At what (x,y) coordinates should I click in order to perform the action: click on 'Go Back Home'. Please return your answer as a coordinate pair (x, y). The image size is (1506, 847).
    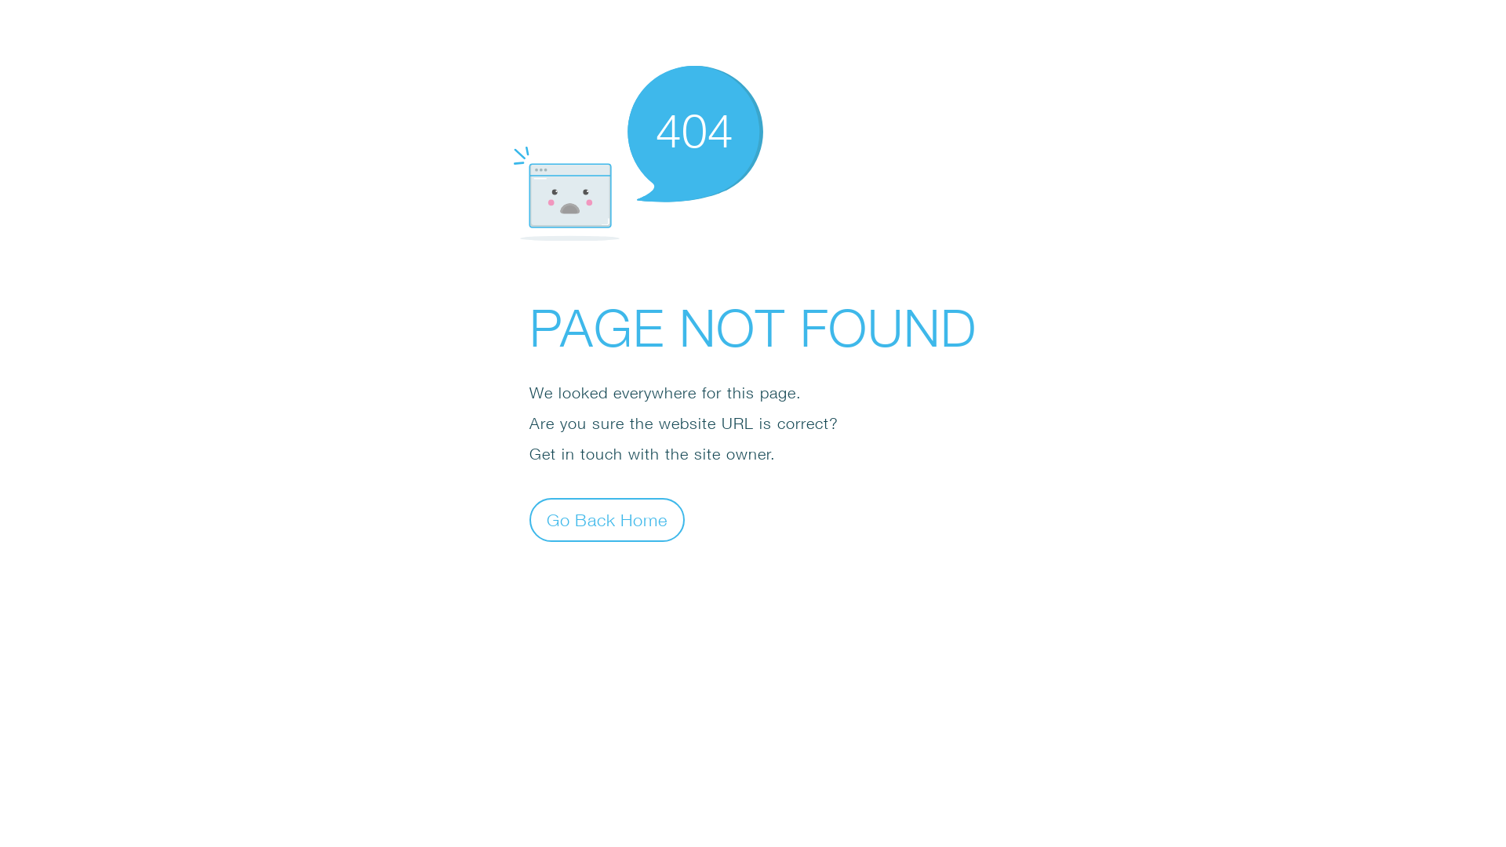
    Looking at the image, I should click on (606, 520).